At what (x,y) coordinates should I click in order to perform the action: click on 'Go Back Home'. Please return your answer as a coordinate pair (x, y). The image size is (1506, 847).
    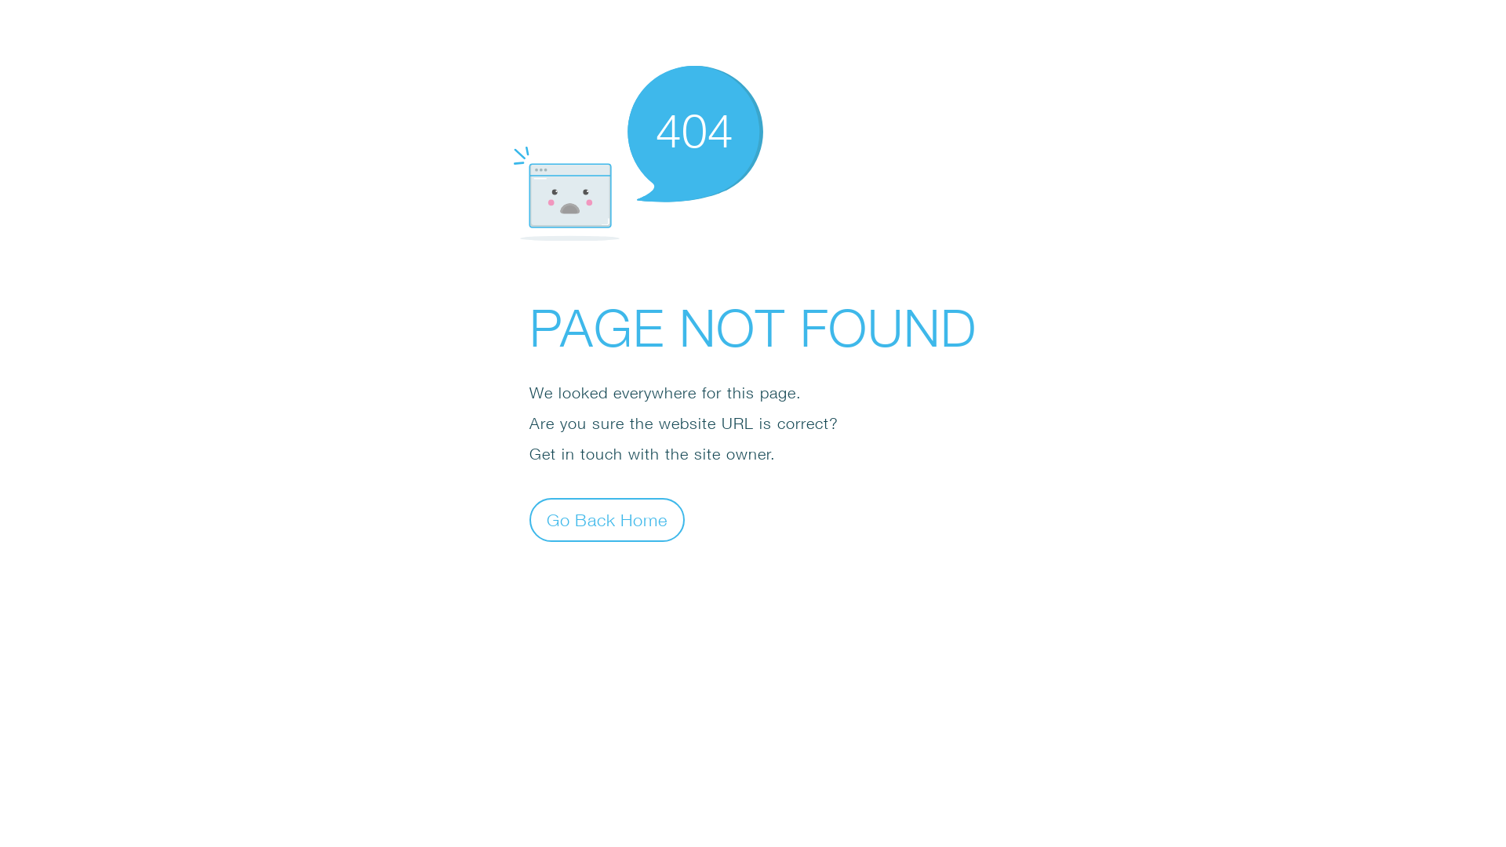
    Looking at the image, I should click on (606, 520).